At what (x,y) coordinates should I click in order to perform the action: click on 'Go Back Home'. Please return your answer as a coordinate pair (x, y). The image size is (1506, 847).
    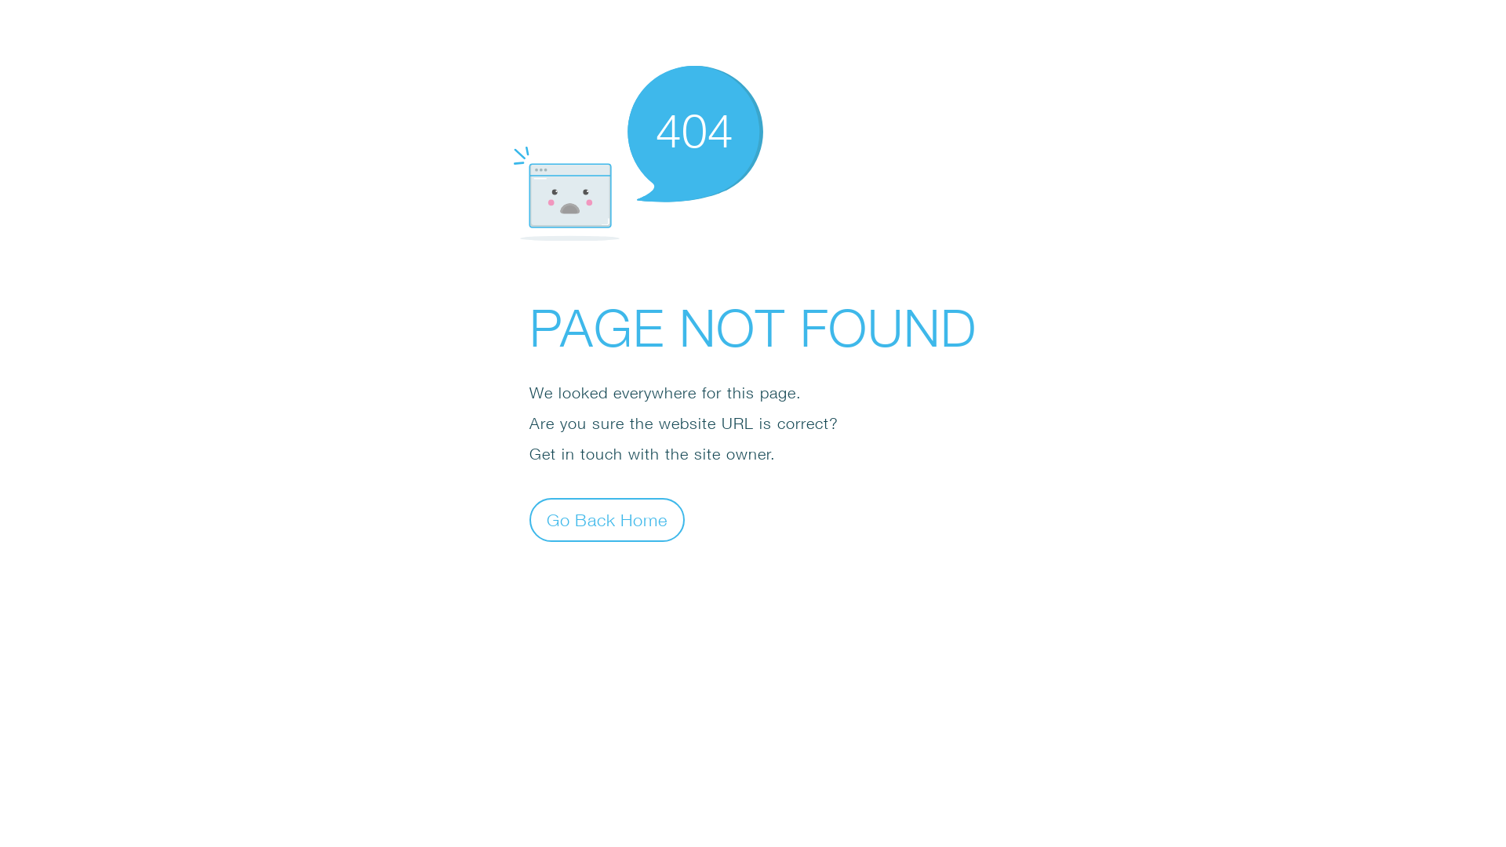
    Looking at the image, I should click on (606, 520).